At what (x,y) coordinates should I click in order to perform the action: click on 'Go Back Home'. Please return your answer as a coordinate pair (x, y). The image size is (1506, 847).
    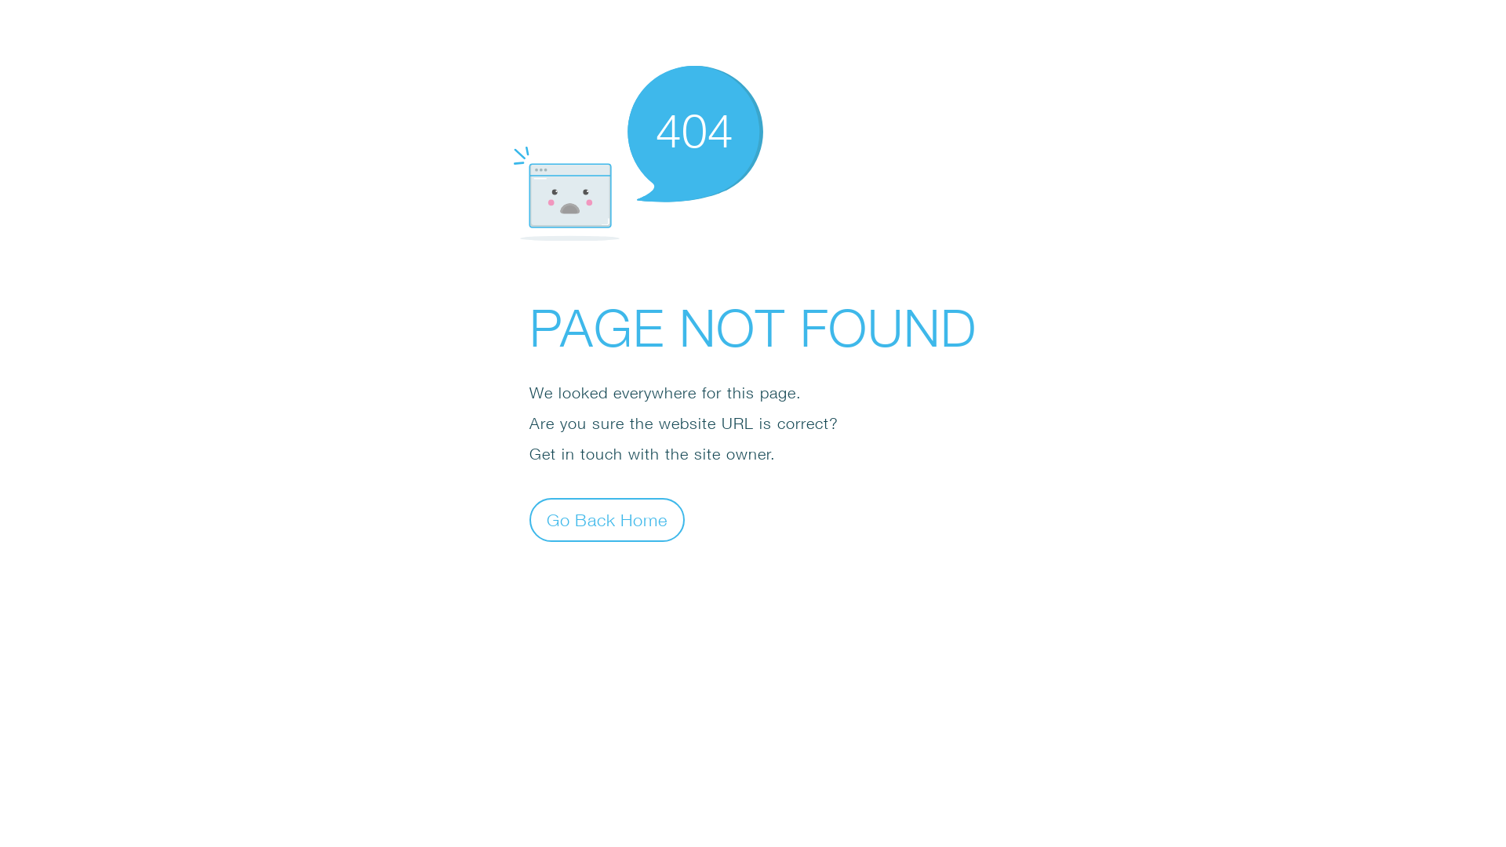
    Looking at the image, I should click on (606, 520).